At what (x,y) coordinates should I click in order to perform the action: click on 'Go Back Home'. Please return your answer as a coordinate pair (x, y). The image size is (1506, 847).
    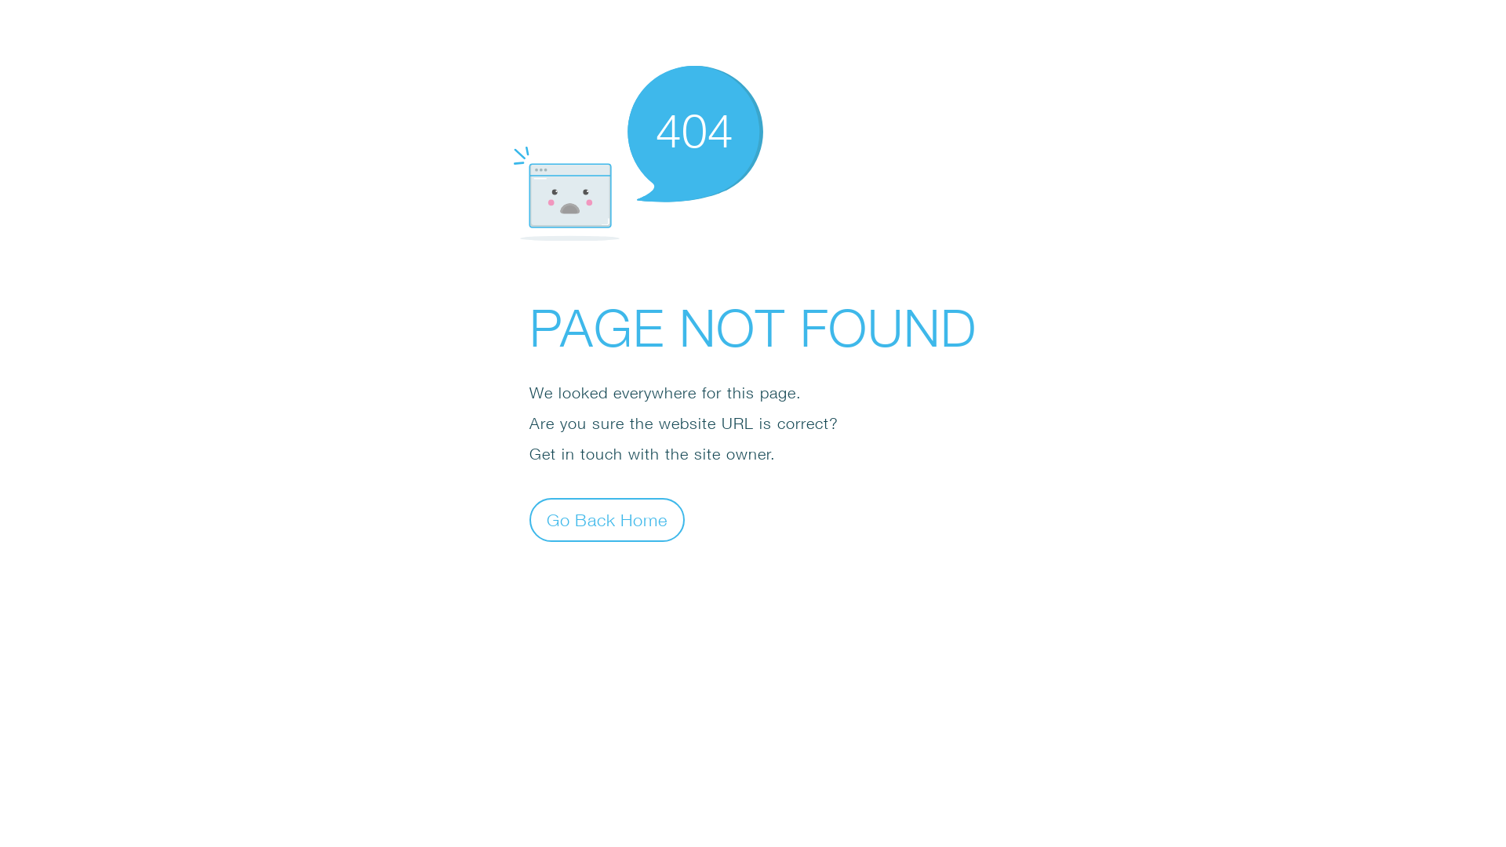
    Looking at the image, I should click on (606, 520).